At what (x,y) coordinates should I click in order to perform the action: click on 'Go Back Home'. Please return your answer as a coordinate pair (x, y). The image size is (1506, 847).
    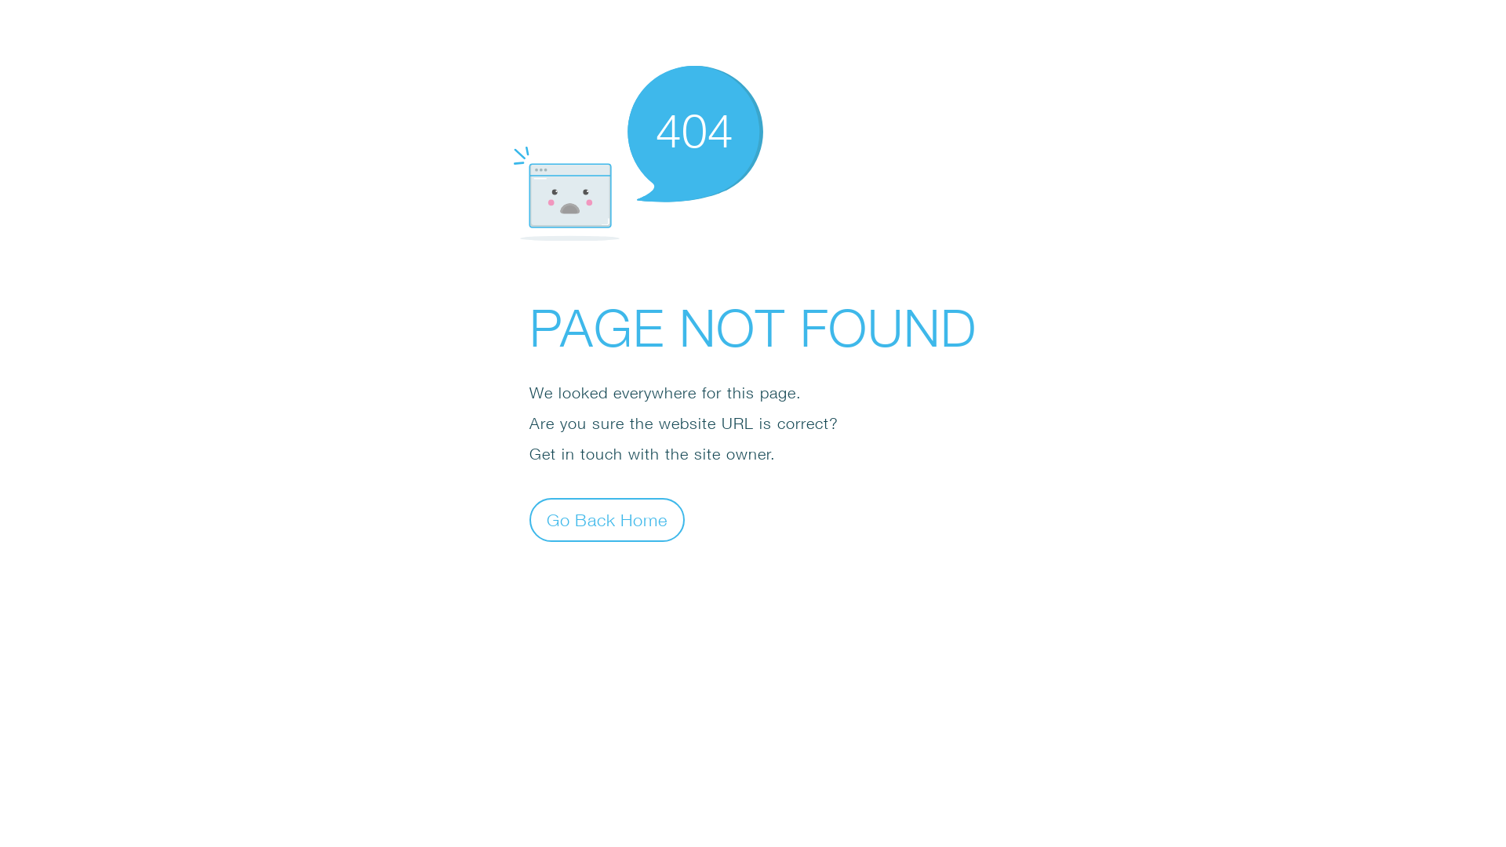
    Looking at the image, I should click on (606, 520).